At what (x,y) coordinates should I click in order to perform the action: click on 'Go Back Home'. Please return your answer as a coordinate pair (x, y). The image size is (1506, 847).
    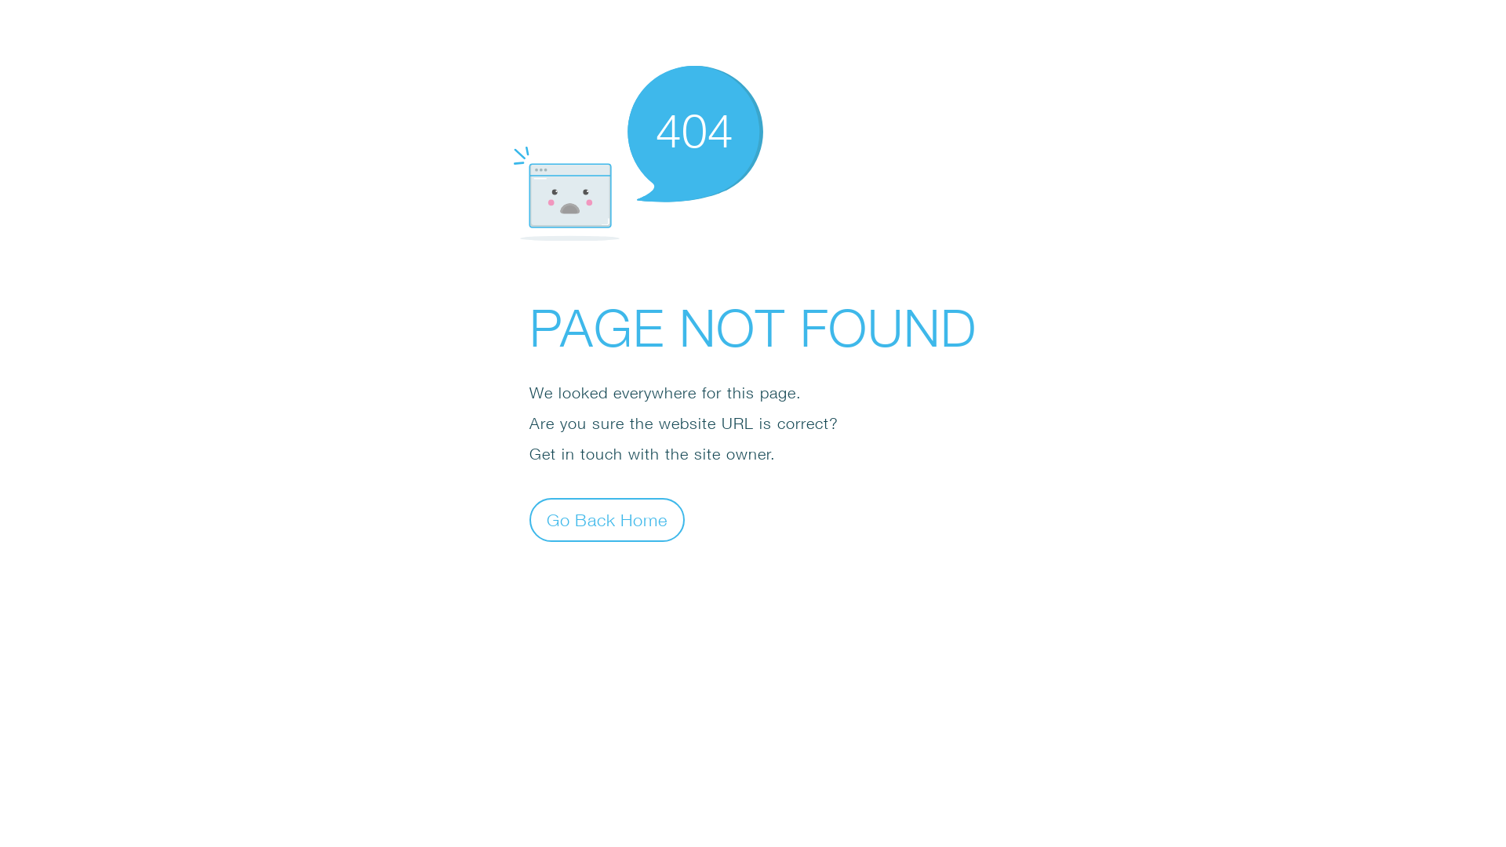
    Looking at the image, I should click on (606, 520).